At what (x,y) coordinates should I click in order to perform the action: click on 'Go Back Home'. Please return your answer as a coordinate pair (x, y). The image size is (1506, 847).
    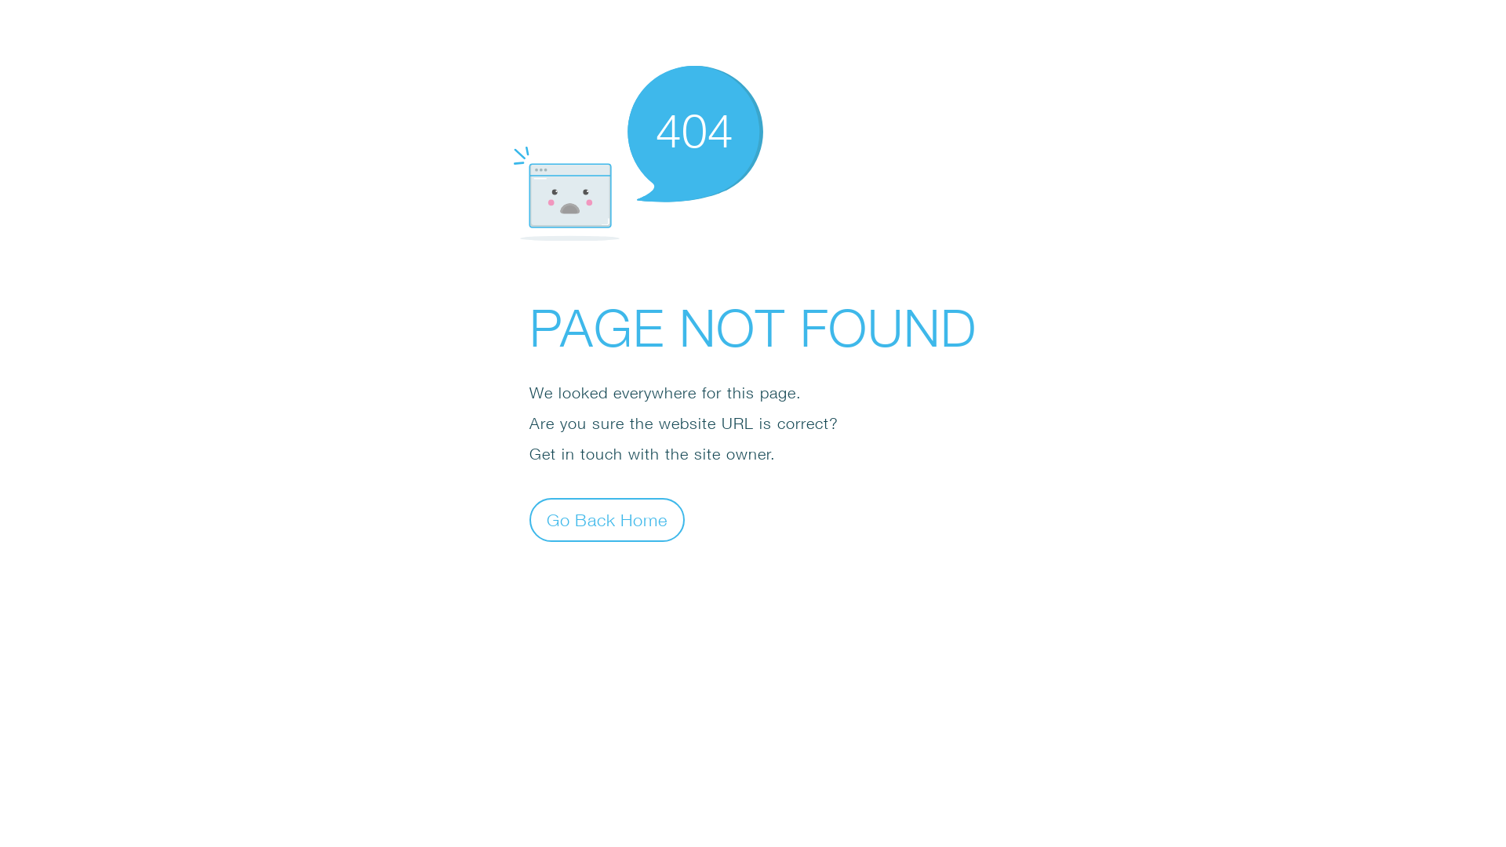
    Looking at the image, I should click on (606, 520).